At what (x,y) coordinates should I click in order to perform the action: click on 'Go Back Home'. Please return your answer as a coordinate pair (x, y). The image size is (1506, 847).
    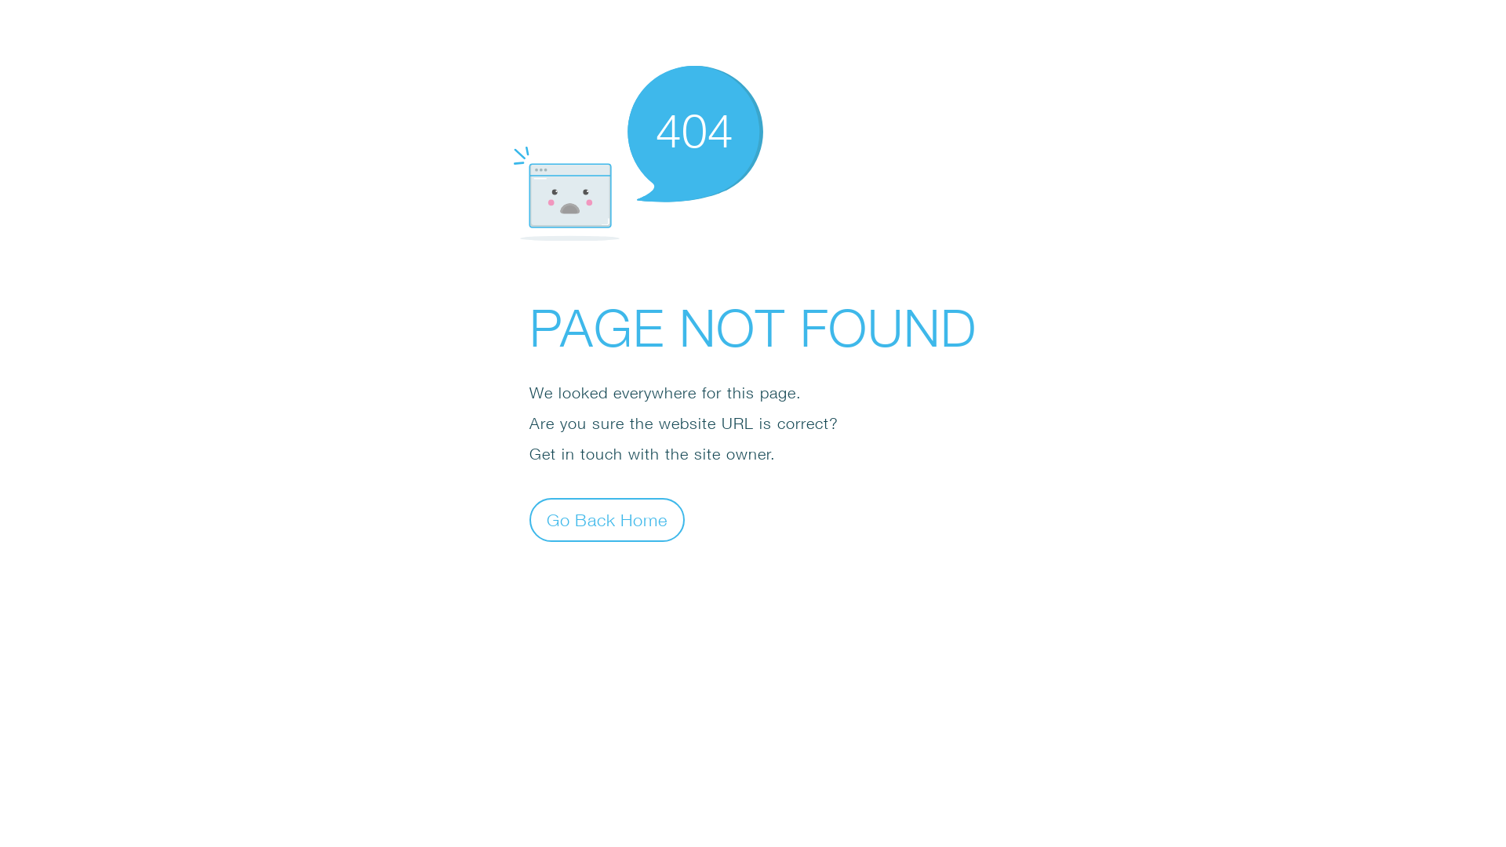
    Looking at the image, I should click on (606, 520).